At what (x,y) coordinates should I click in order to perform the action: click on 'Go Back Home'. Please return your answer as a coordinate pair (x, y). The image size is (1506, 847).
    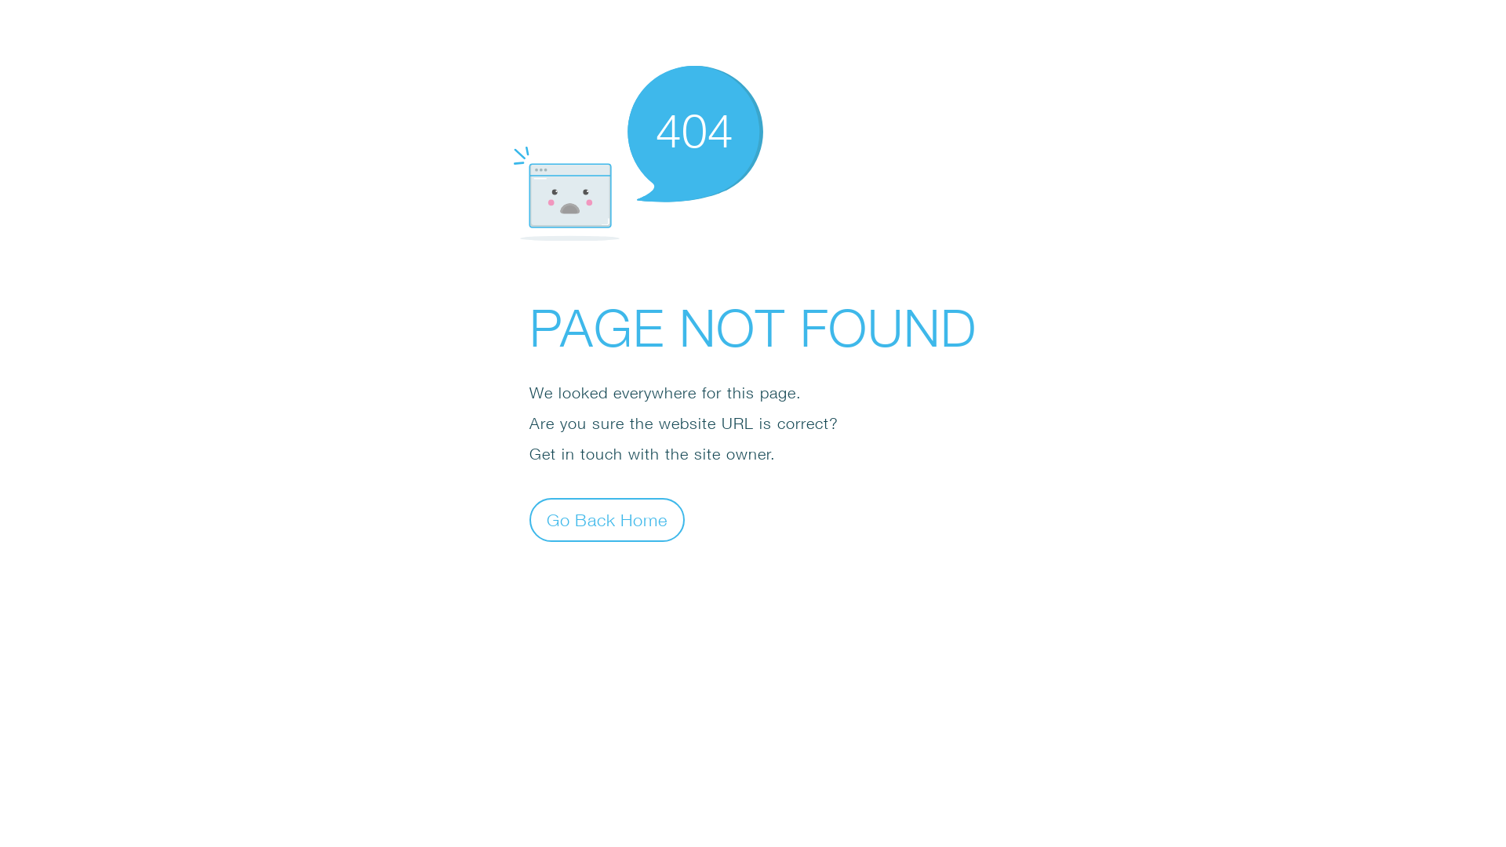
    Looking at the image, I should click on (606, 520).